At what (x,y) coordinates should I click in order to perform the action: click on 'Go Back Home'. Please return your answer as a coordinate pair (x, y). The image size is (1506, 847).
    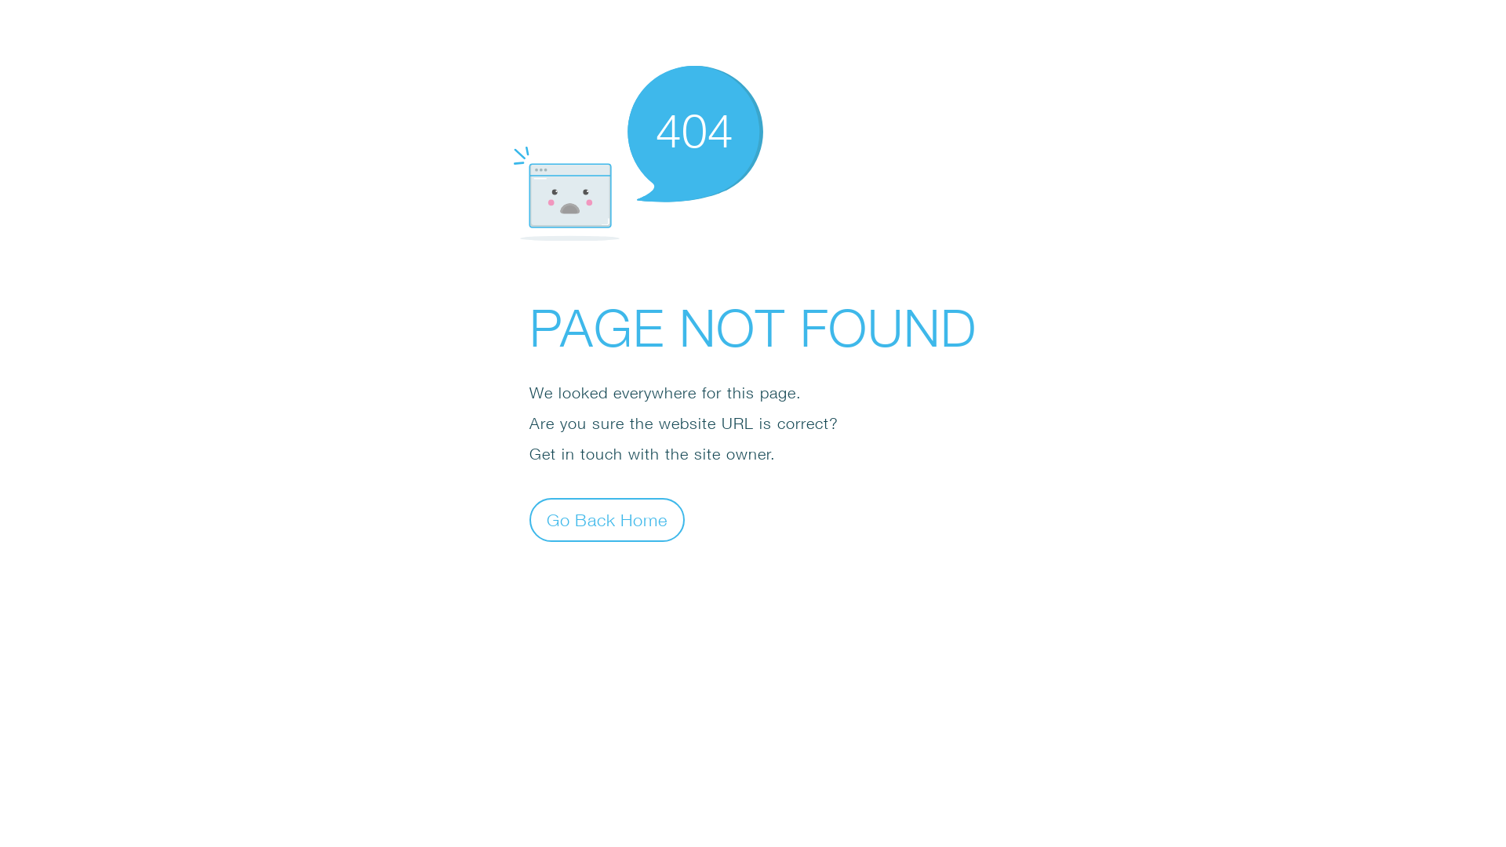
    Looking at the image, I should click on (606, 520).